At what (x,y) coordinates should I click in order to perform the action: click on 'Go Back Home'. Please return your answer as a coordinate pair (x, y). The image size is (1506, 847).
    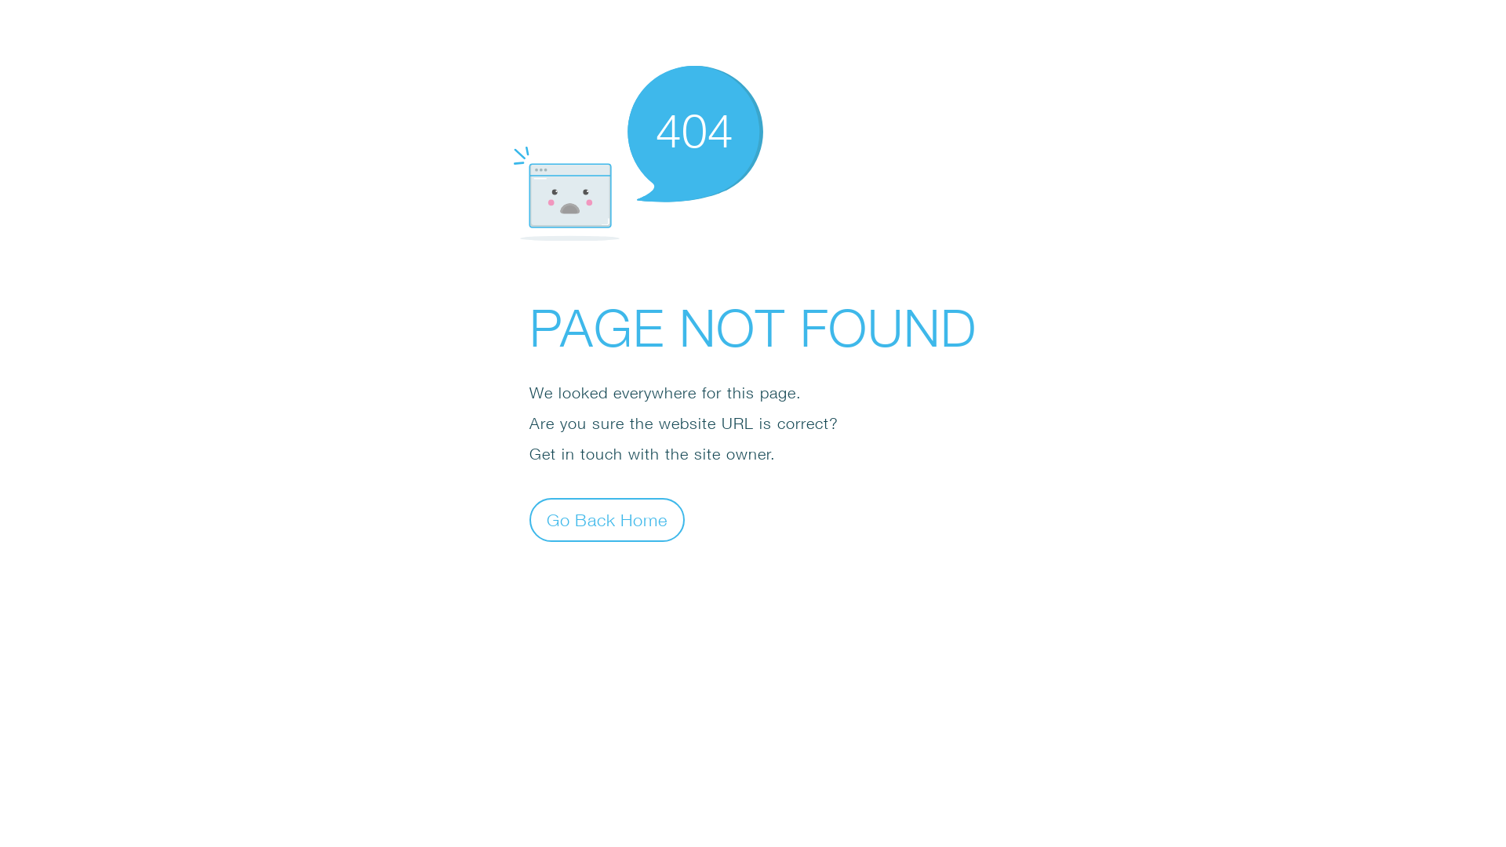
    Looking at the image, I should click on (606, 520).